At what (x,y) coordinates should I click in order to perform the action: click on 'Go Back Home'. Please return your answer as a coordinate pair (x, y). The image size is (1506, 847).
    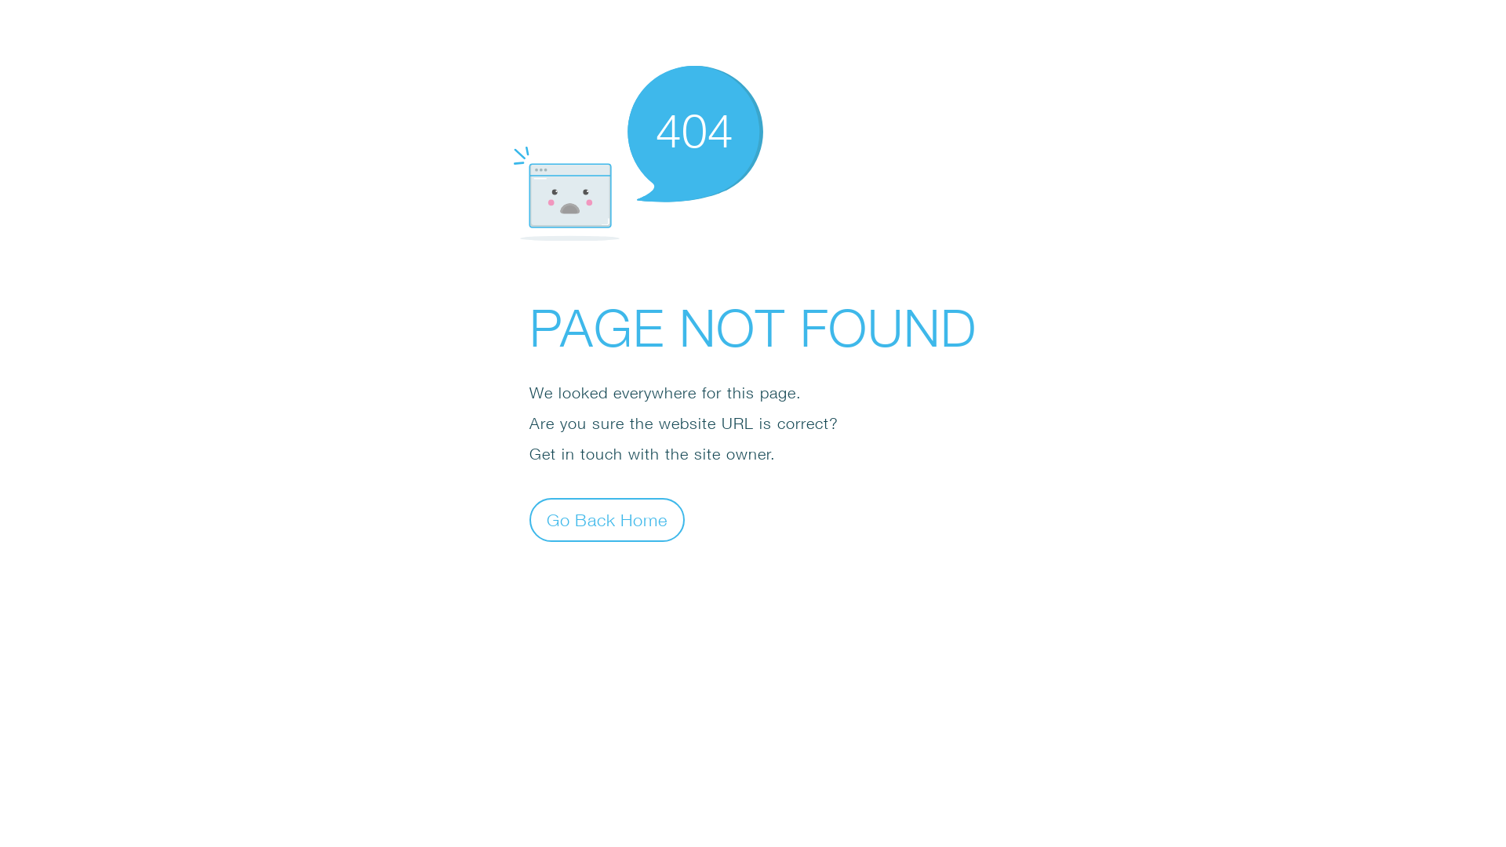
    Looking at the image, I should click on (606, 520).